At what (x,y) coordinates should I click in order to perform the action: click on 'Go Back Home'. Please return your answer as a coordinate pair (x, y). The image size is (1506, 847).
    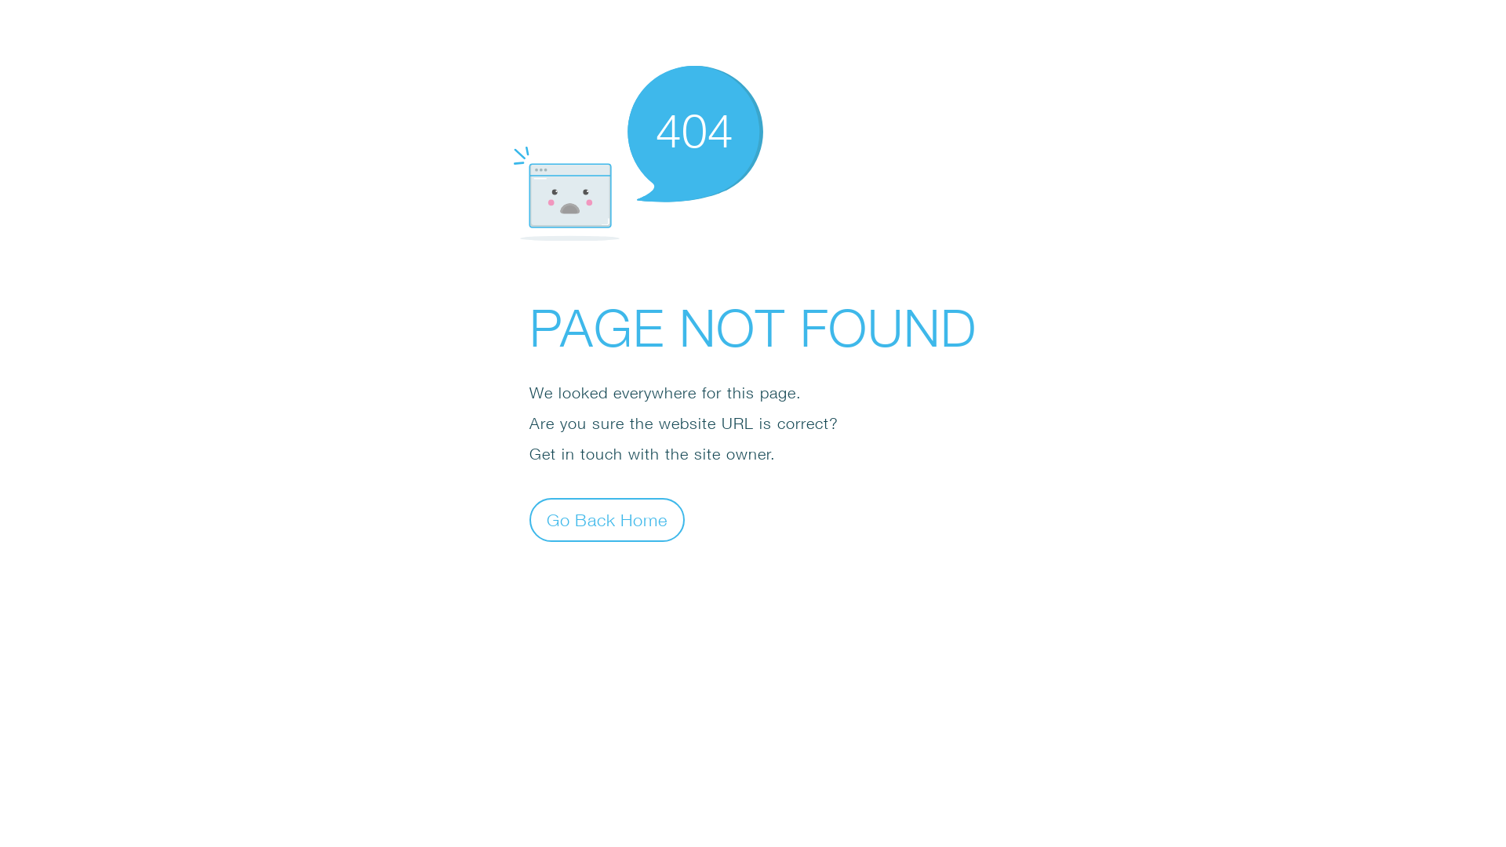
    Looking at the image, I should click on (606, 520).